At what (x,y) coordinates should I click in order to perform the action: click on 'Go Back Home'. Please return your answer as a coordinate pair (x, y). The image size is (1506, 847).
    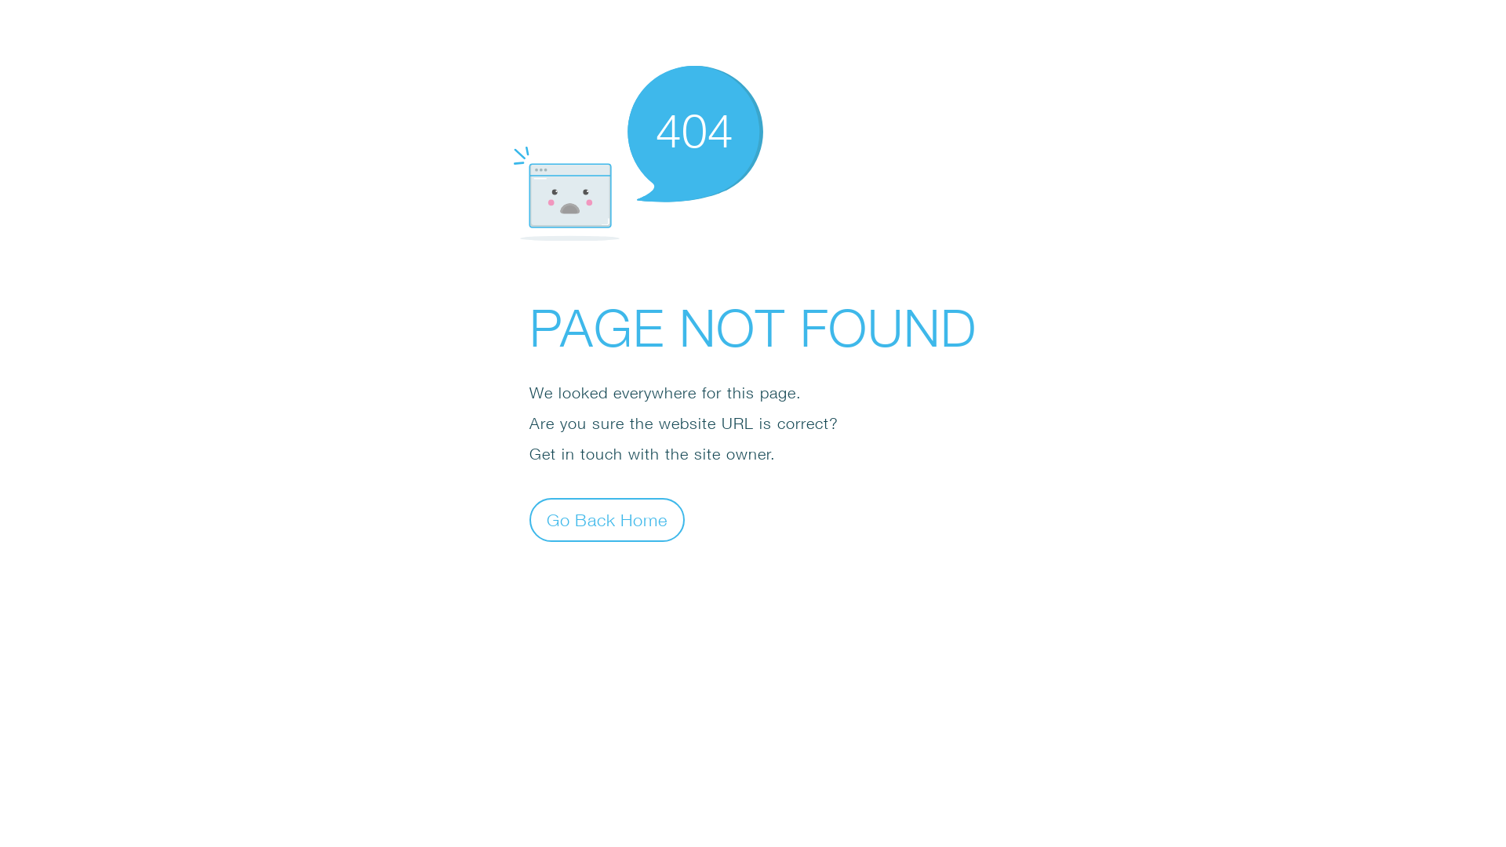
    Looking at the image, I should click on (606, 520).